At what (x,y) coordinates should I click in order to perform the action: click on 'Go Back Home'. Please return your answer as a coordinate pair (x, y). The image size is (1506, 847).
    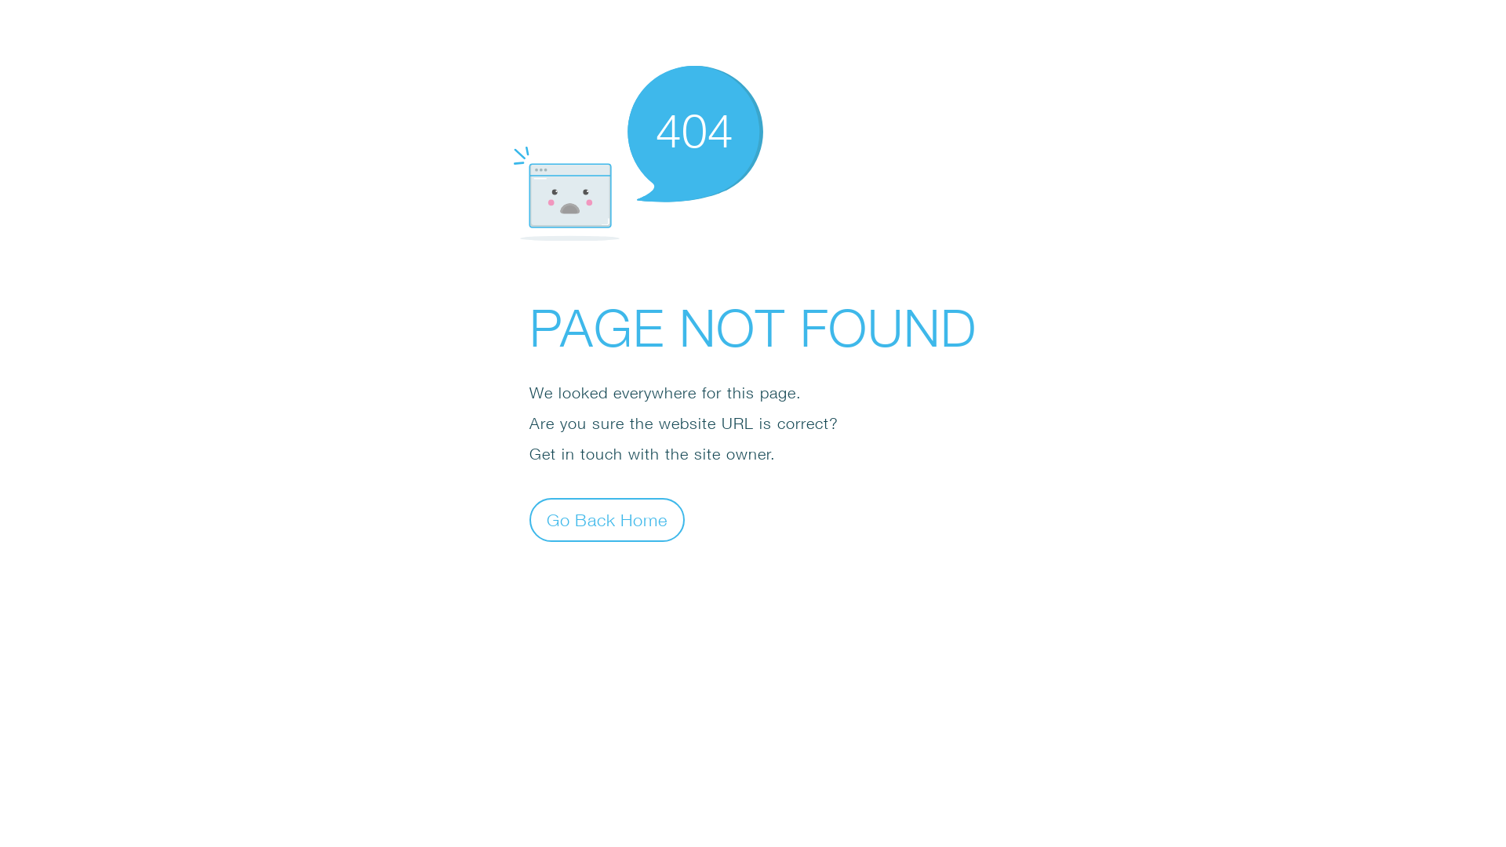
    Looking at the image, I should click on (606, 520).